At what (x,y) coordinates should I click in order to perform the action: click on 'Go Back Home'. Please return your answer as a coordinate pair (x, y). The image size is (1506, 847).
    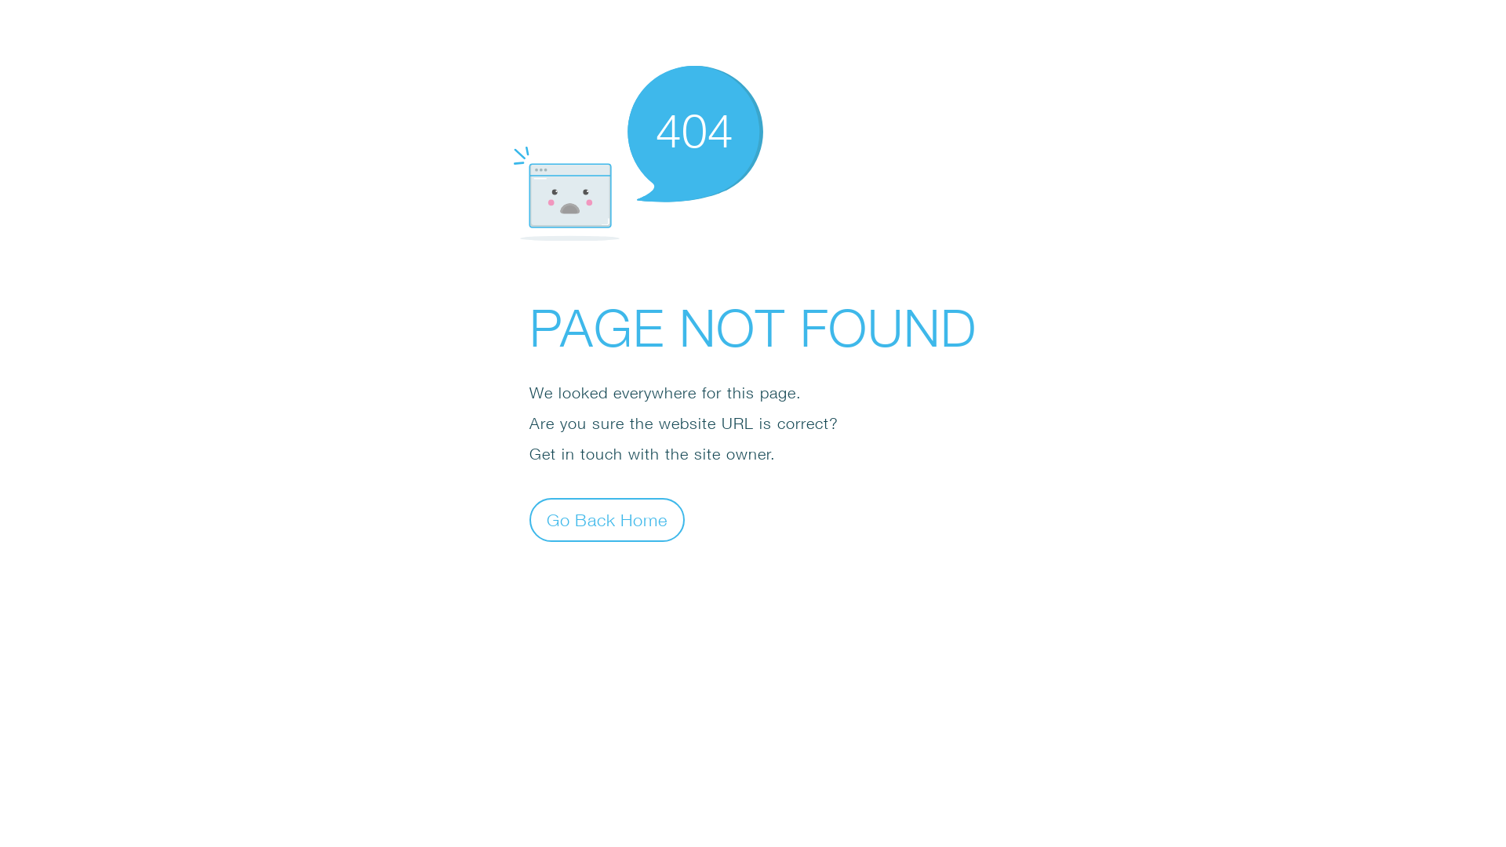
    Looking at the image, I should click on (606, 520).